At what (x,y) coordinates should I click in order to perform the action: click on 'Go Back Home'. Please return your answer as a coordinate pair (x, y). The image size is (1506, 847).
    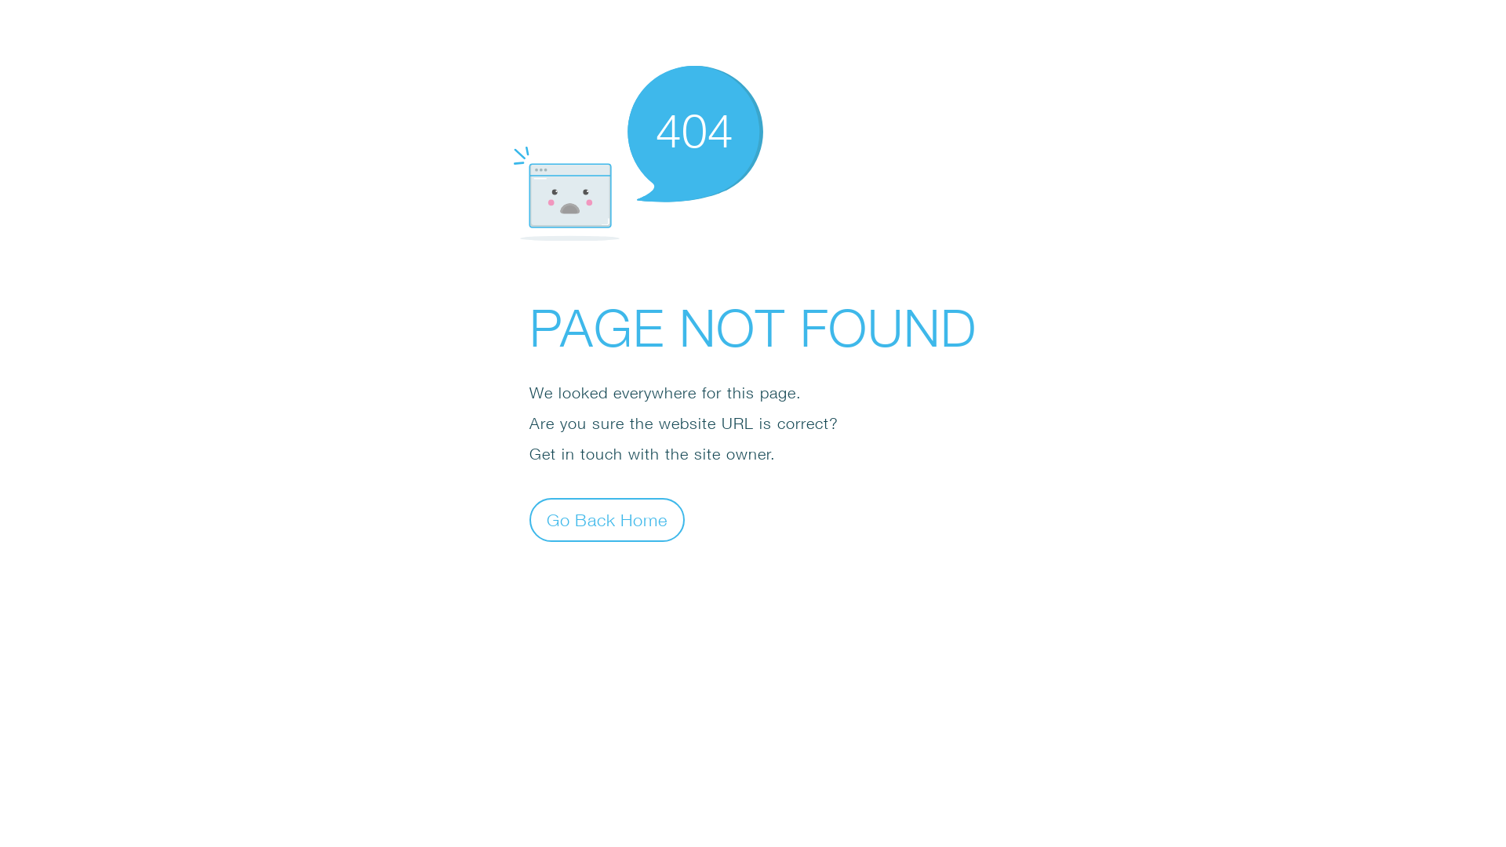
    Looking at the image, I should click on (606, 520).